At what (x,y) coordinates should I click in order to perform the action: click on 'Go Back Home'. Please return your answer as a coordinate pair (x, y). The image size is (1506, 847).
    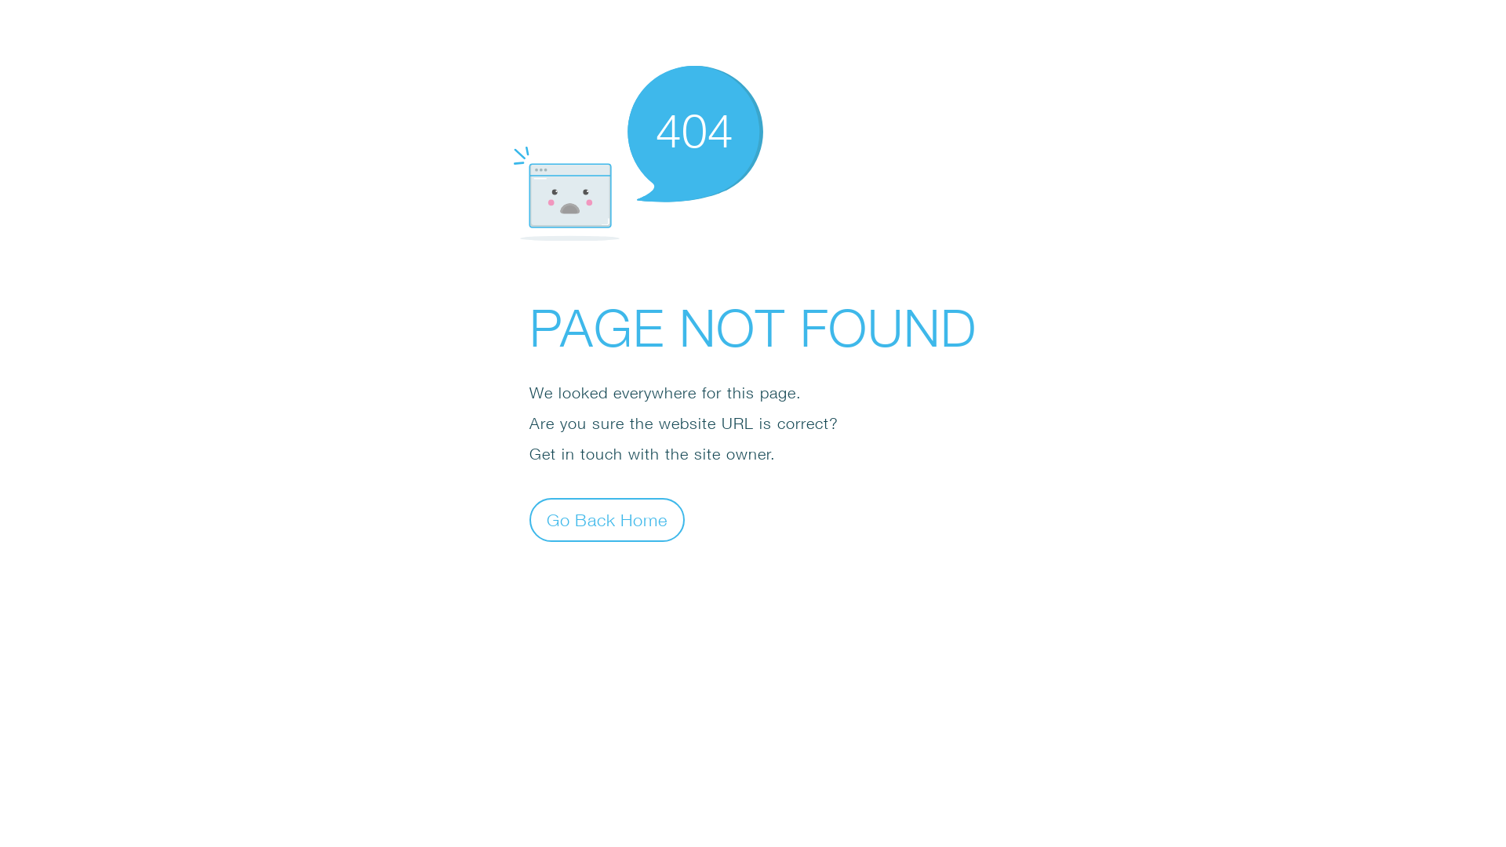
    Looking at the image, I should click on (606, 520).